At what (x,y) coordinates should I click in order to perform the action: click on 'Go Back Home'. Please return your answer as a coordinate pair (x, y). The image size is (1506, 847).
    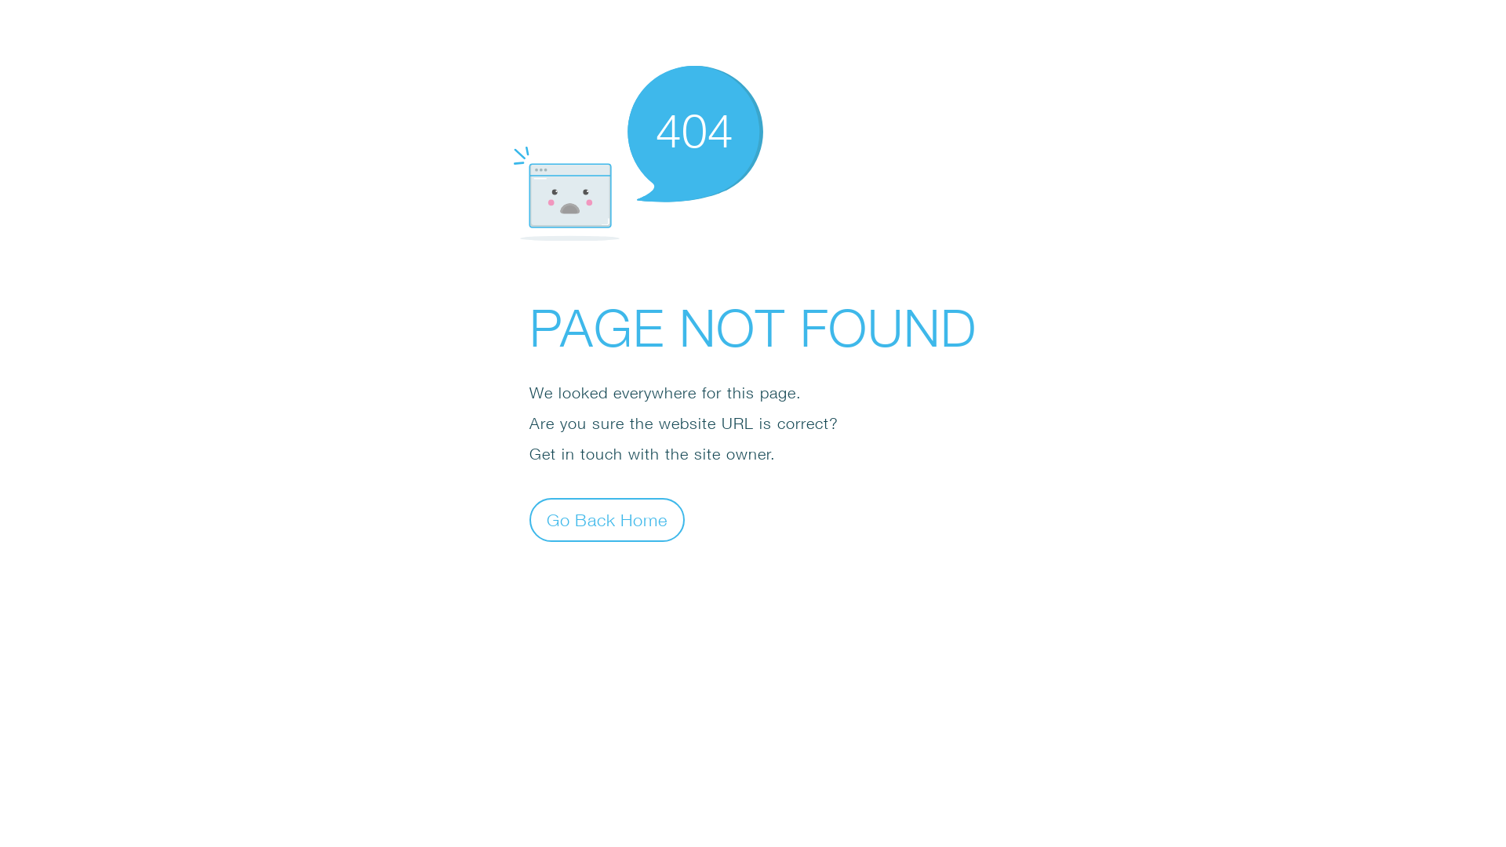
    Looking at the image, I should click on (606, 520).